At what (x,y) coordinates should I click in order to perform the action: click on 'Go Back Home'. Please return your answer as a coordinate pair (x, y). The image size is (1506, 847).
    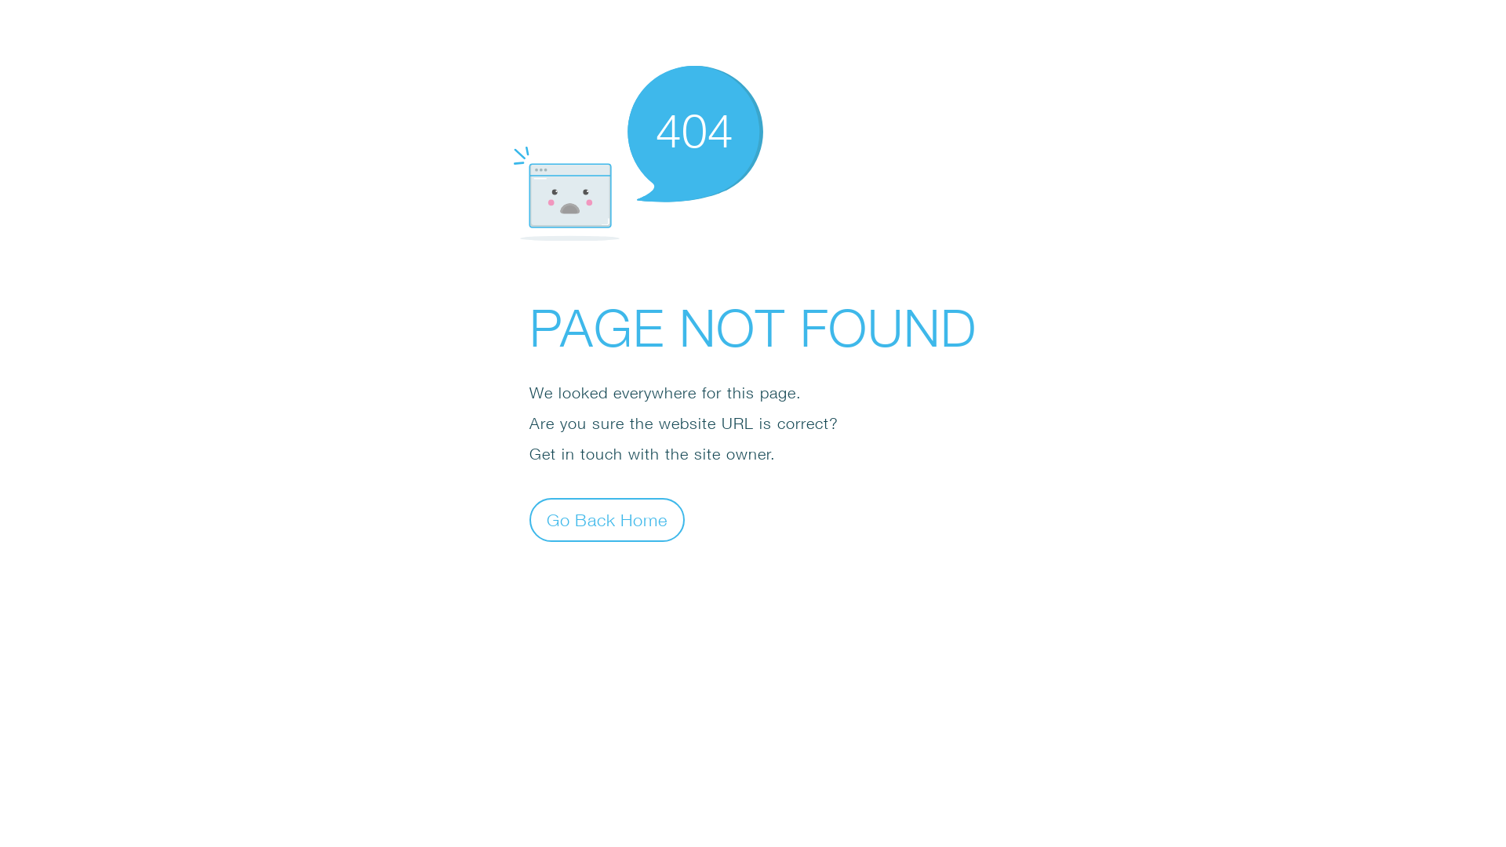
    Looking at the image, I should click on (606, 520).